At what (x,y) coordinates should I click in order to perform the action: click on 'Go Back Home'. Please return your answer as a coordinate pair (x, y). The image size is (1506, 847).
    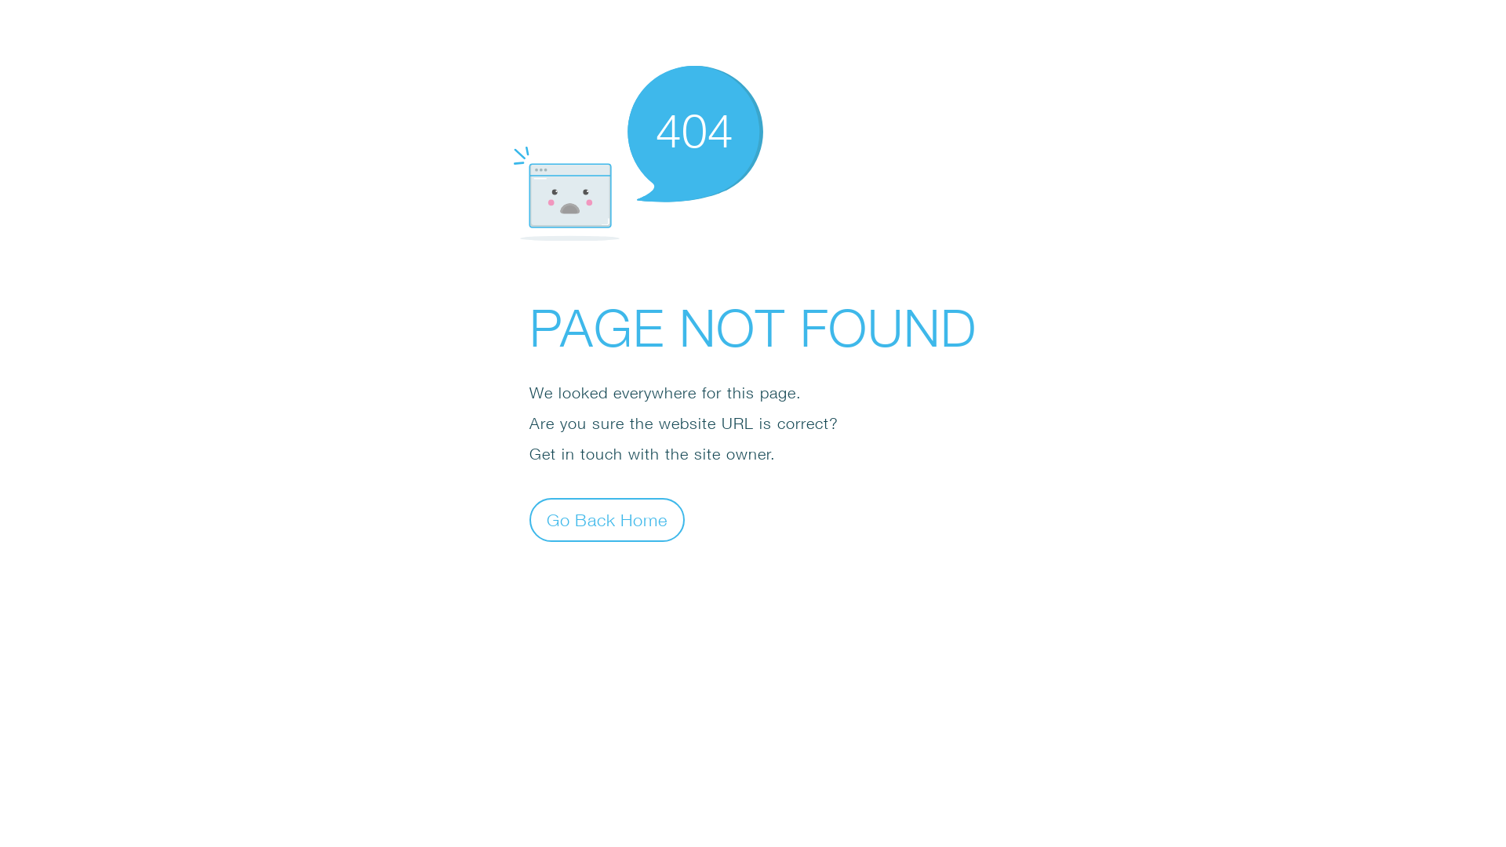
    Looking at the image, I should click on (606, 520).